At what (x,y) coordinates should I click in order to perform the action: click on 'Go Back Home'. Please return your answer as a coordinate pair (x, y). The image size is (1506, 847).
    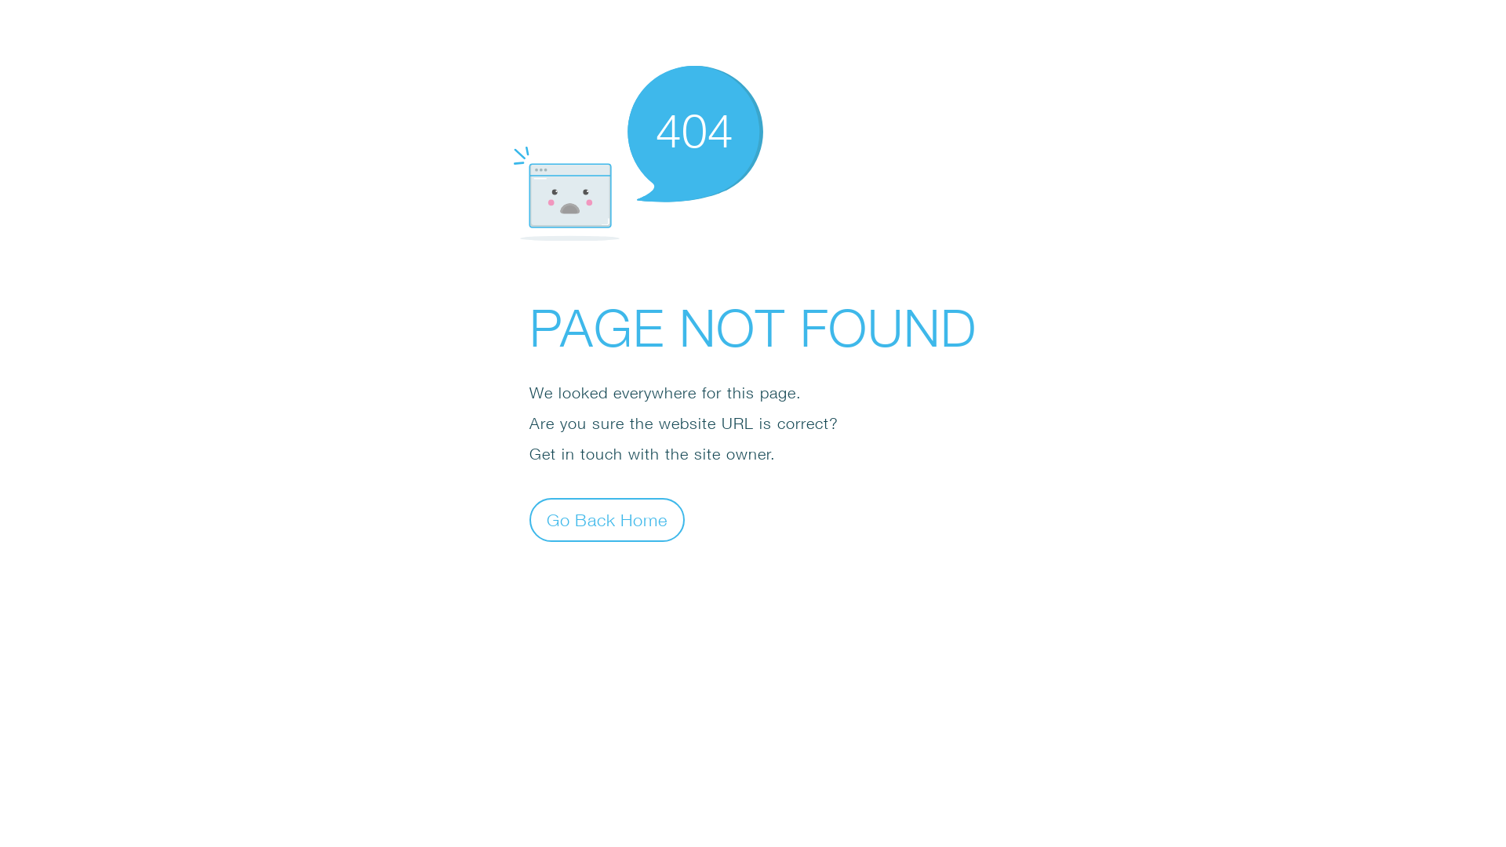
    Looking at the image, I should click on (606, 520).